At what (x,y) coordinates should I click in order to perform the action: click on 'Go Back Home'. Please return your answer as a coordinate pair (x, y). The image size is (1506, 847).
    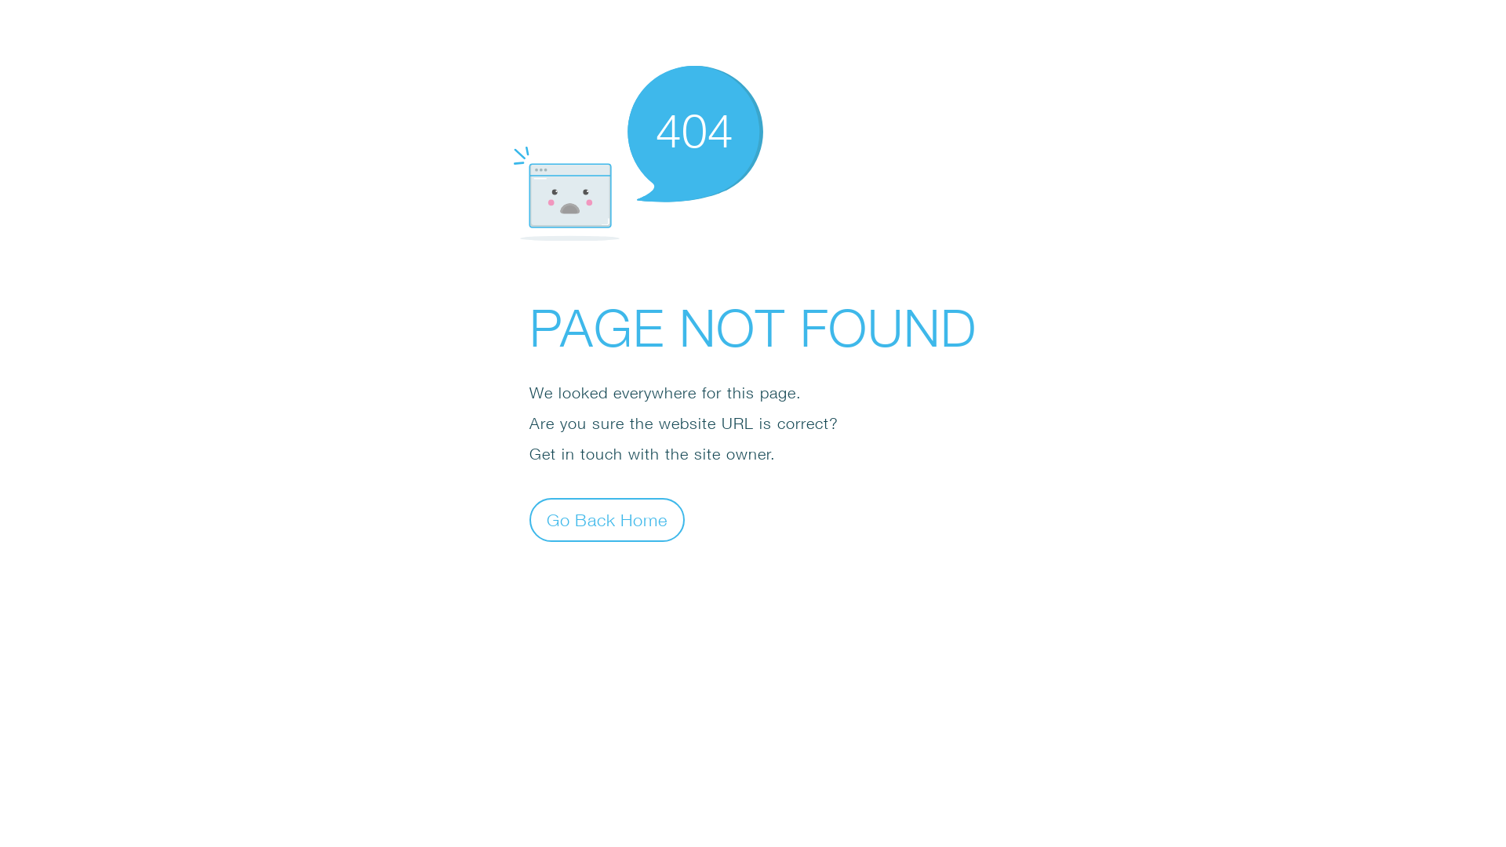
    Looking at the image, I should click on (606, 520).